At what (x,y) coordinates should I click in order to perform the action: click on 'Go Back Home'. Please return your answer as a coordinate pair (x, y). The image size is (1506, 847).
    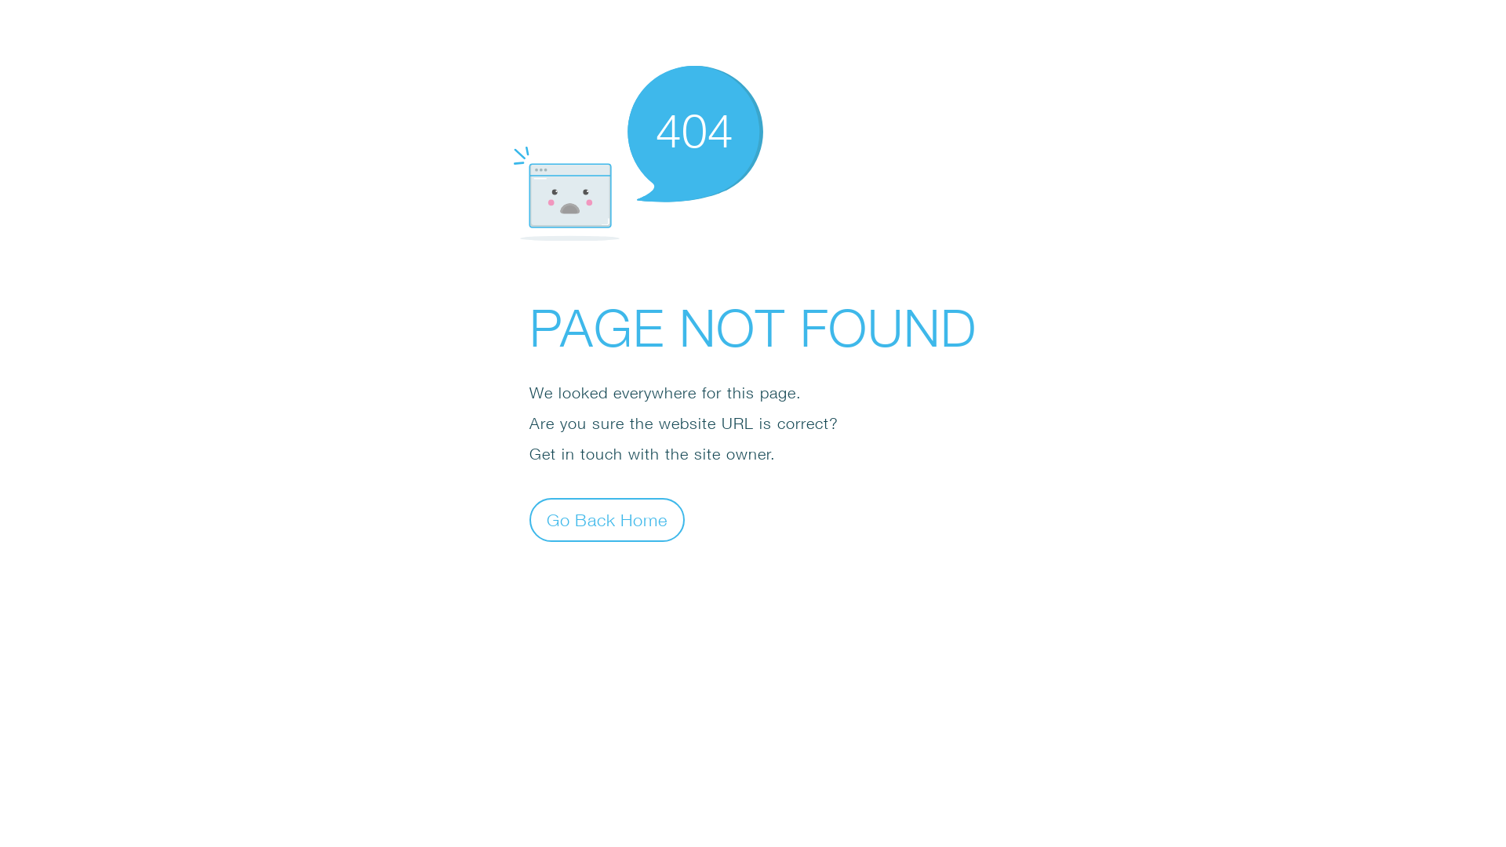
    Looking at the image, I should click on (606, 520).